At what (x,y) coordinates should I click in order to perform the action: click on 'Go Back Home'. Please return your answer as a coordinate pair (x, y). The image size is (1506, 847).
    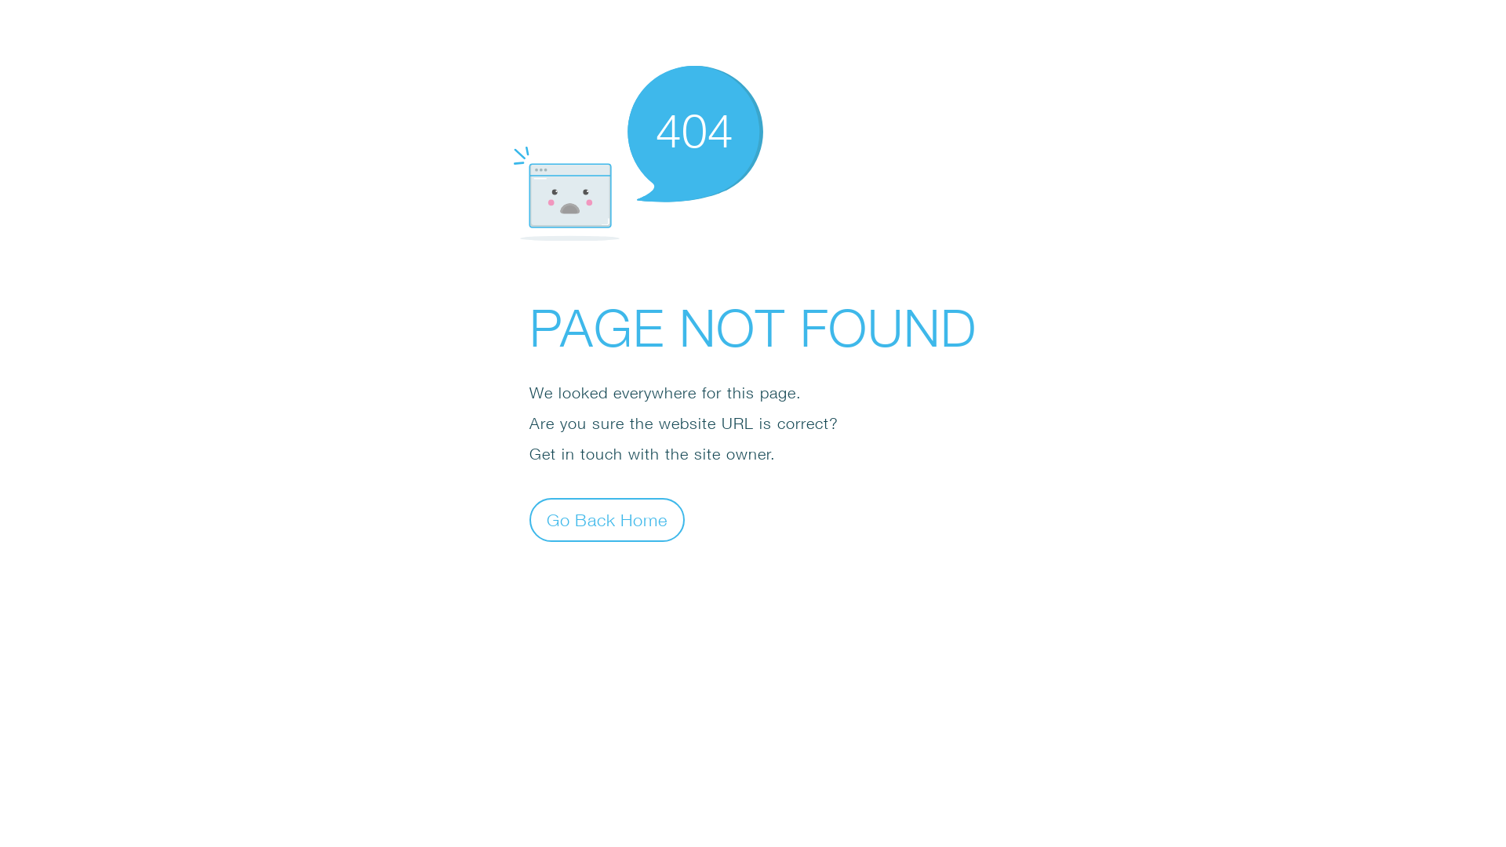
    Looking at the image, I should click on (606, 520).